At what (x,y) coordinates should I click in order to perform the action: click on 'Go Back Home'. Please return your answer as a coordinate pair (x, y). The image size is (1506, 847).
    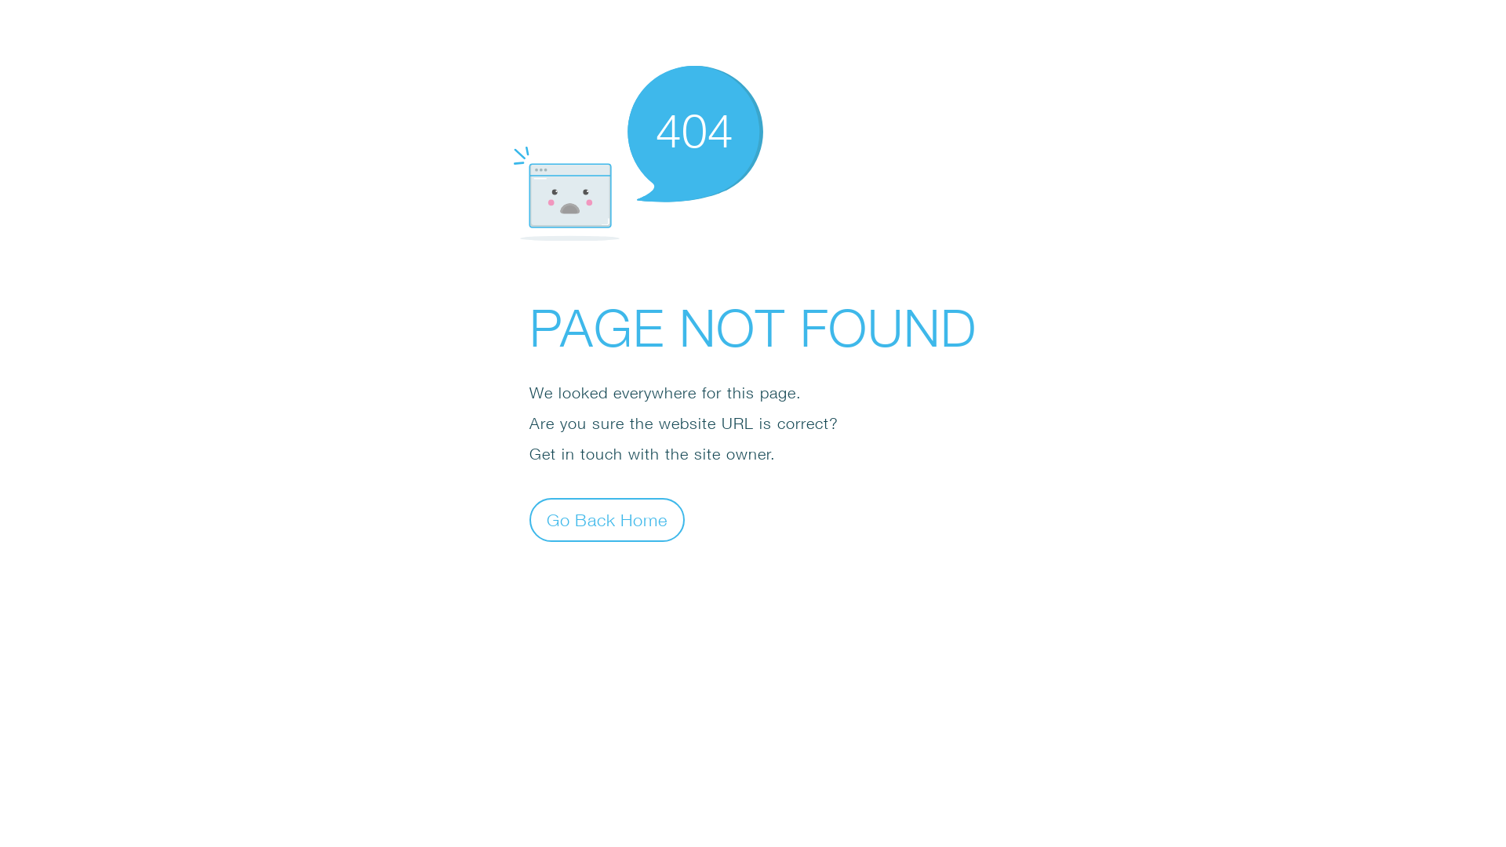
    Looking at the image, I should click on (606, 520).